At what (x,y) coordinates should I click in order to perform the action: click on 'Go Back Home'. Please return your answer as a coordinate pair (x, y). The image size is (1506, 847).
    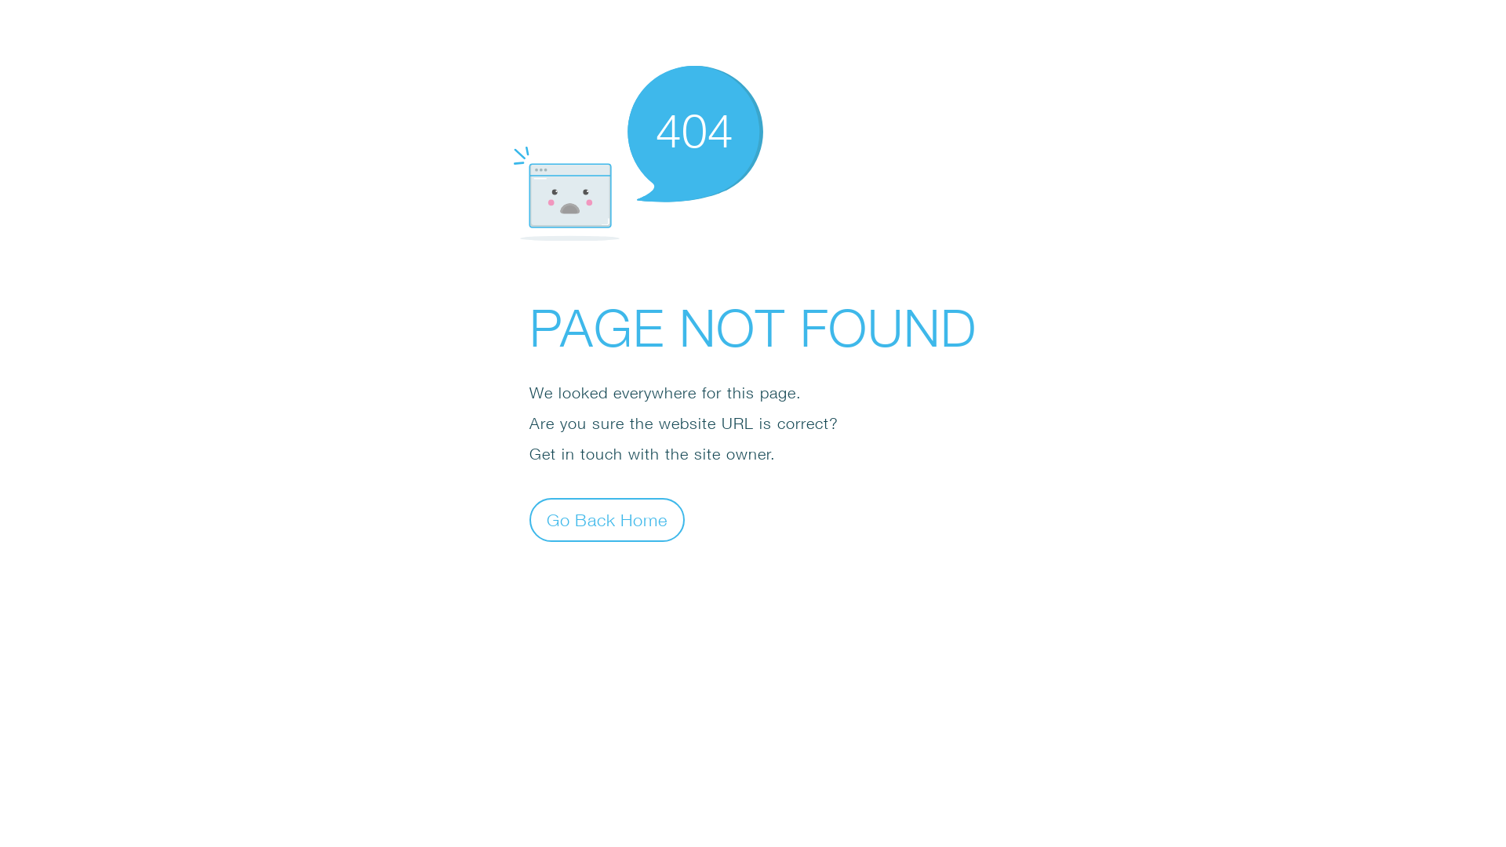
    Looking at the image, I should click on (606, 520).